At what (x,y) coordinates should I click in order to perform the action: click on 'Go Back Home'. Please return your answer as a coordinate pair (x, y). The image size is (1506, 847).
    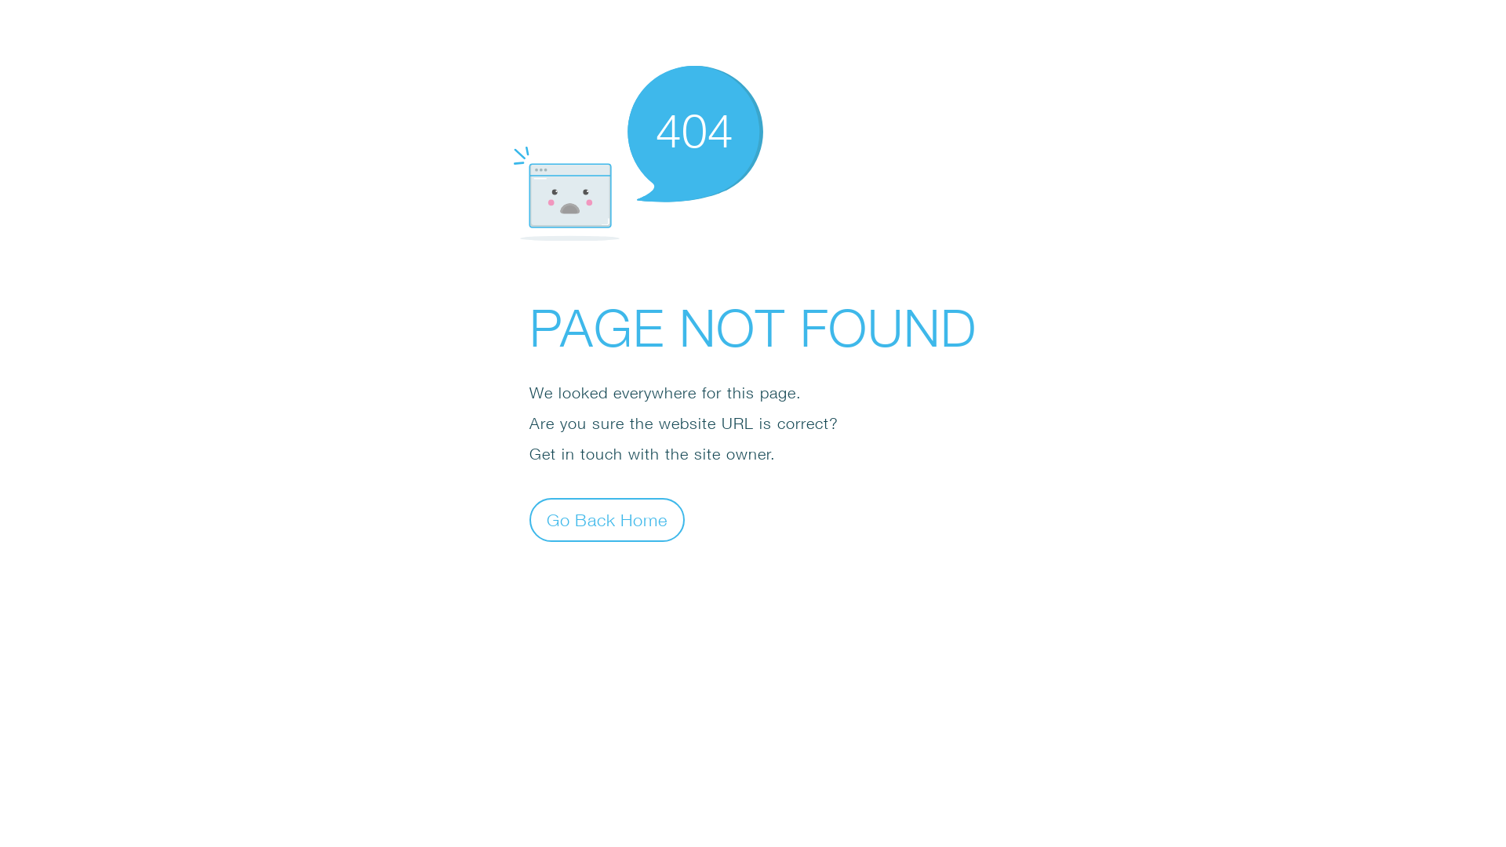
    Looking at the image, I should click on (606, 520).